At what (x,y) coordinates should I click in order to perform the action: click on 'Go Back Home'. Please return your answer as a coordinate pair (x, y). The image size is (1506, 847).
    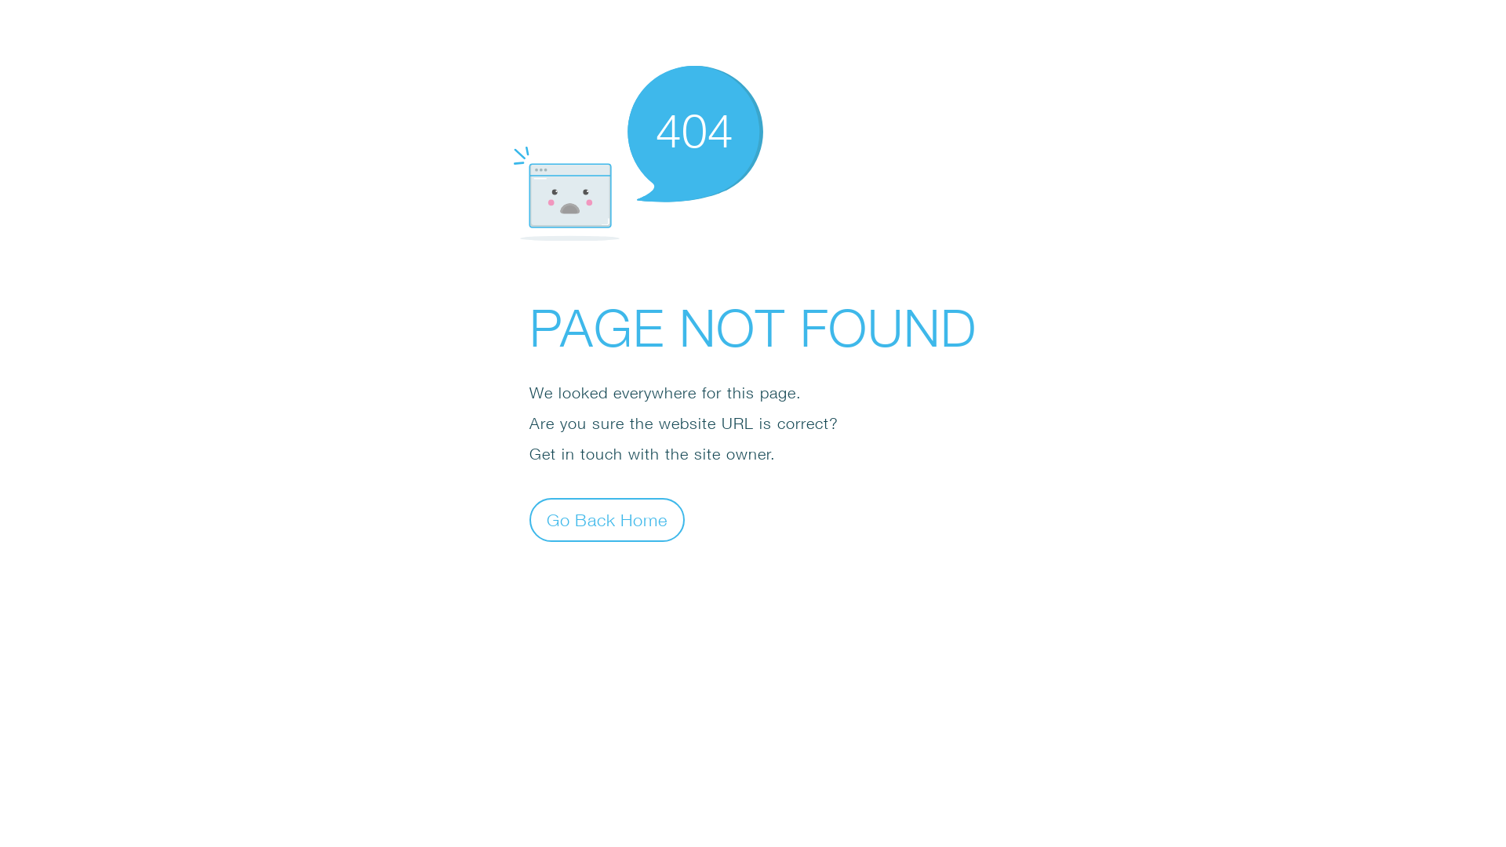
    Looking at the image, I should click on (606, 520).